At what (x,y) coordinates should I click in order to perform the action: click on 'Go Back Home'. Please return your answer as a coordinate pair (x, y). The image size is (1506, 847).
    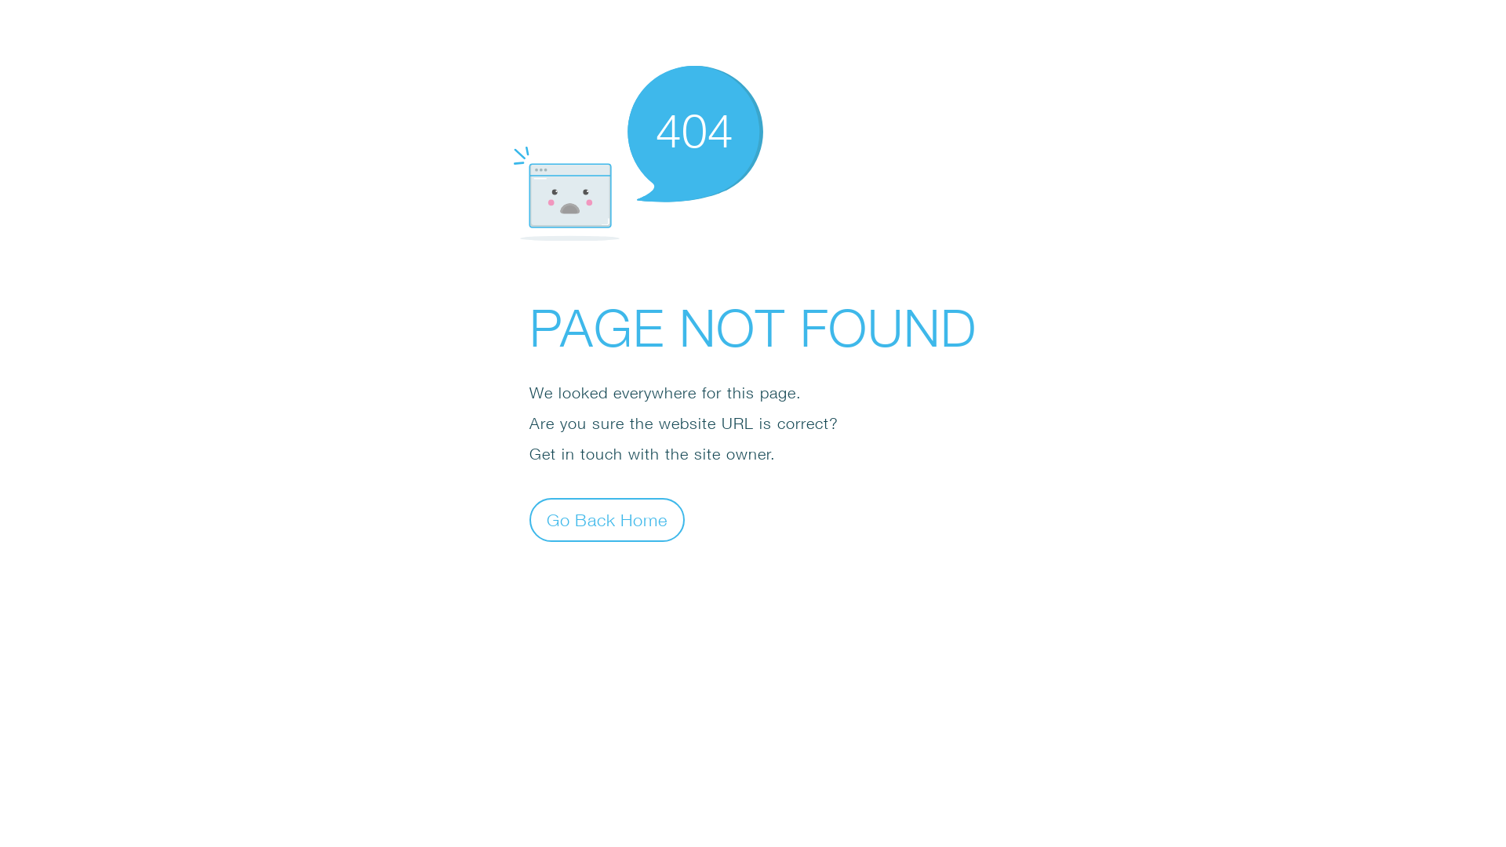
    Looking at the image, I should click on (606, 520).